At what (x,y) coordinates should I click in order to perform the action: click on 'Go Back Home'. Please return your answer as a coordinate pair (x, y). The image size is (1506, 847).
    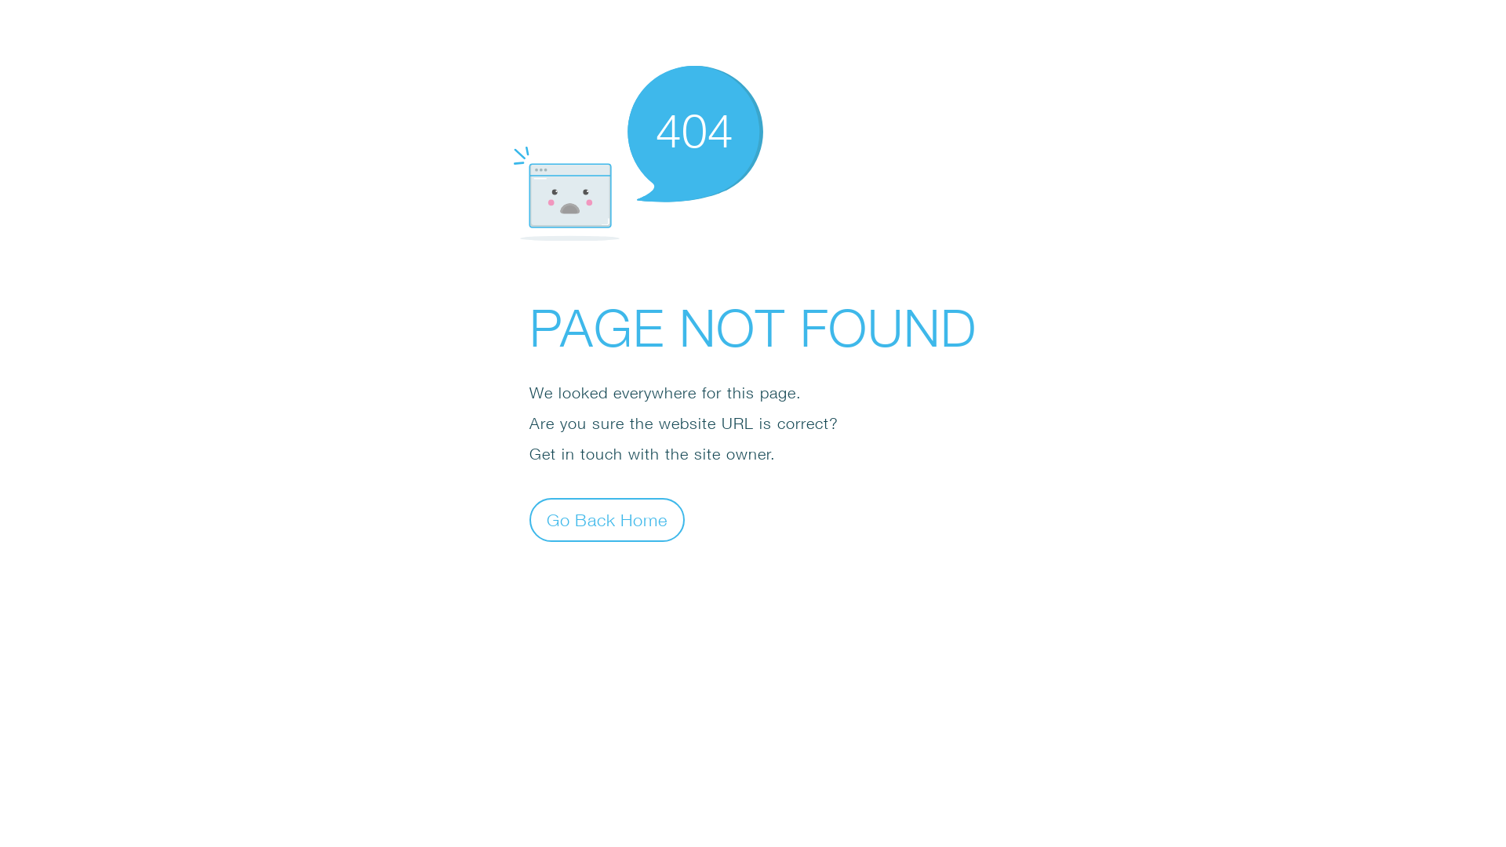
    Looking at the image, I should click on (606, 520).